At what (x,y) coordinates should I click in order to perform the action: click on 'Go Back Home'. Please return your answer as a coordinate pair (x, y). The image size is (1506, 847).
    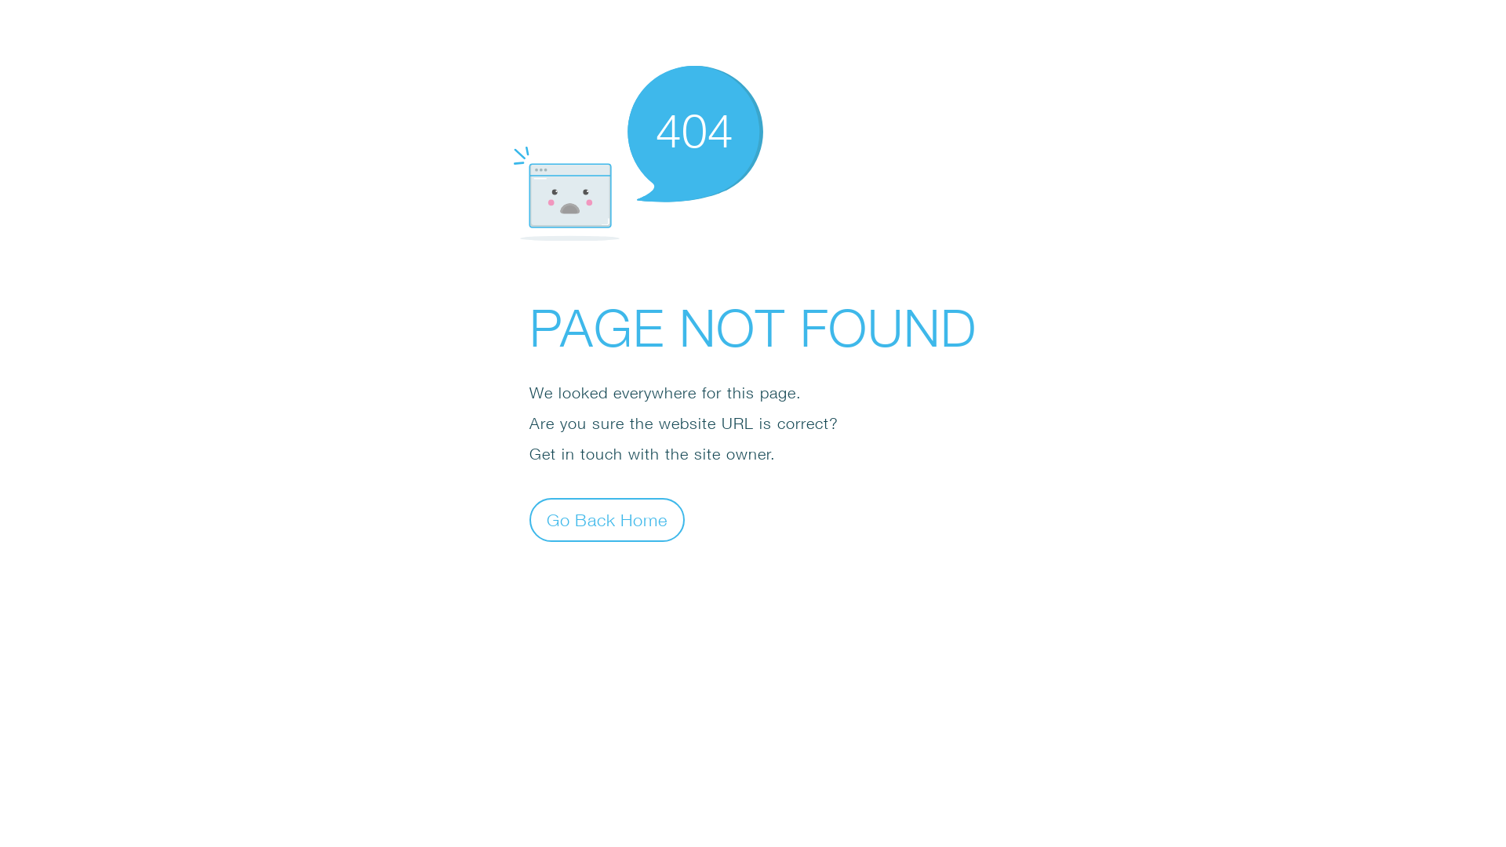
    Looking at the image, I should click on (606, 520).